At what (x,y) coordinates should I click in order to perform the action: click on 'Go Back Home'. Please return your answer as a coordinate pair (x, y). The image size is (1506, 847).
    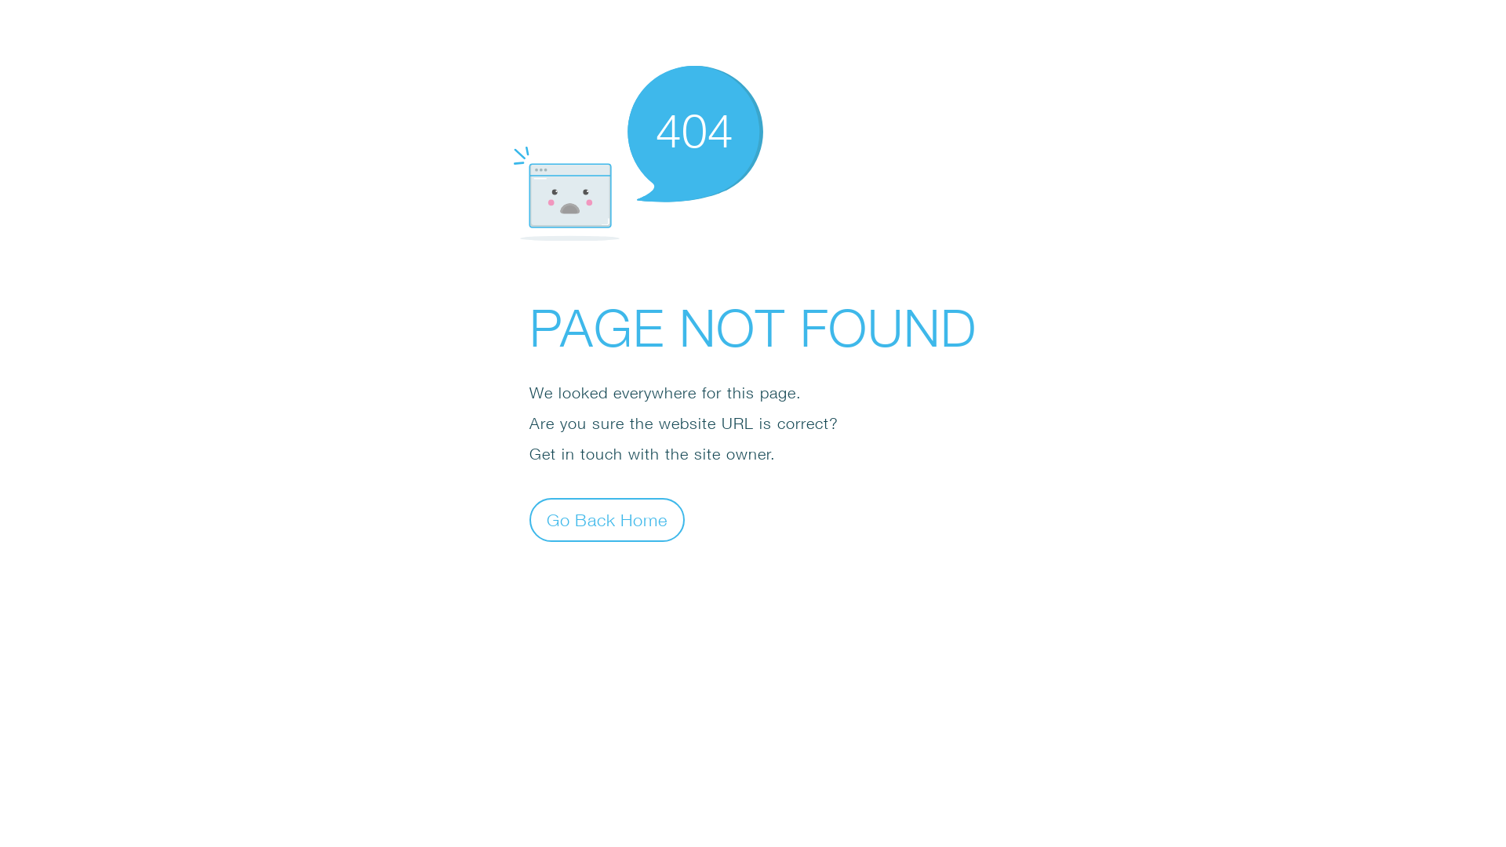
    Looking at the image, I should click on (606, 520).